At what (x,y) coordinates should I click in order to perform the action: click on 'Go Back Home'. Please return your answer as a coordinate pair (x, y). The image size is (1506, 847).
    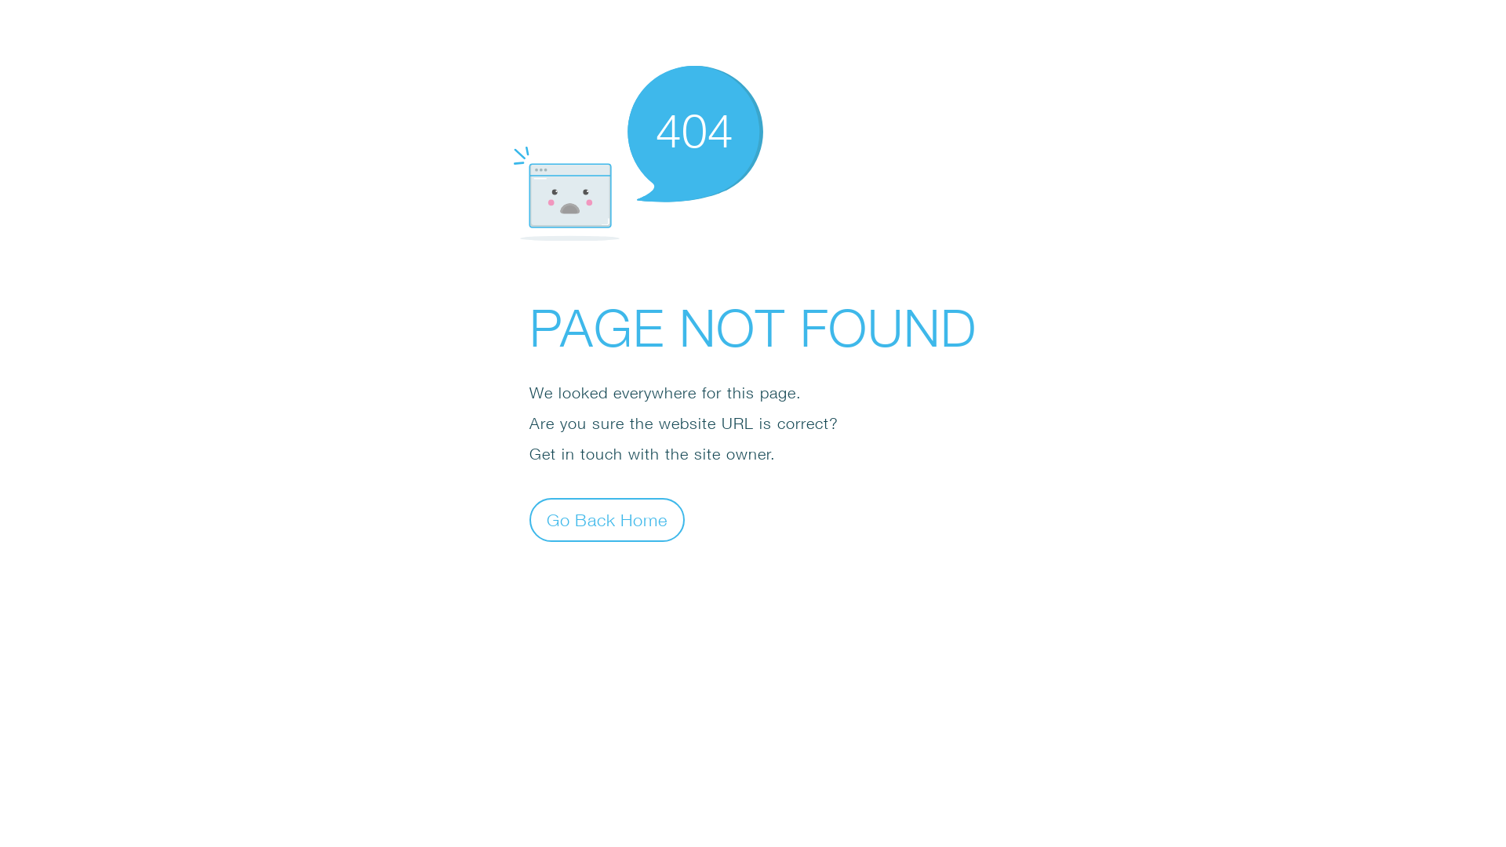
    Looking at the image, I should click on (606, 520).